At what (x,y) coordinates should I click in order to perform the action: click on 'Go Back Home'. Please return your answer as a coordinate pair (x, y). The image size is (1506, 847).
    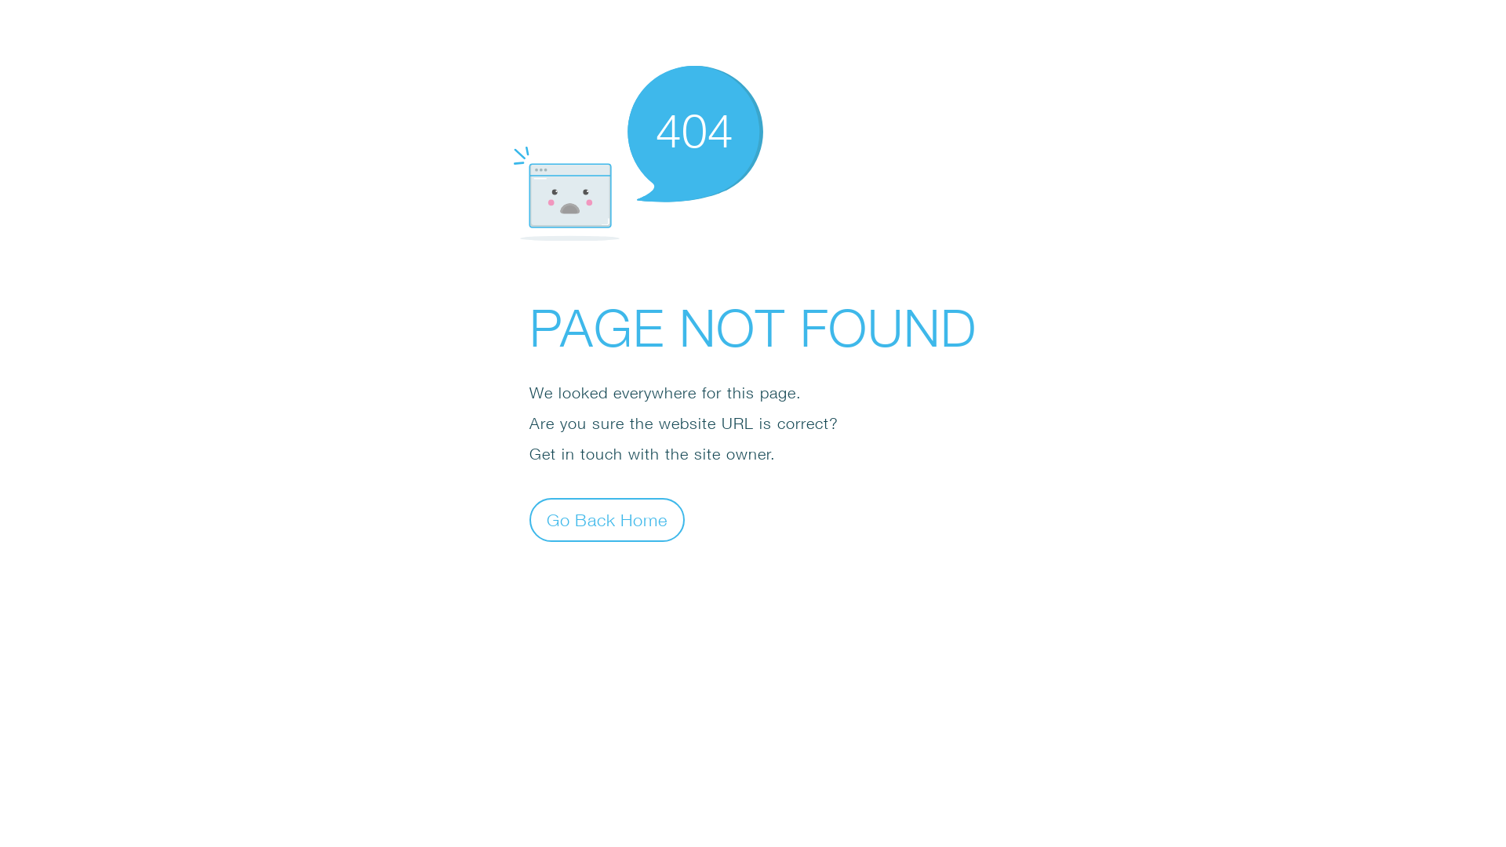
    Looking at the image, I should click on (606, 520).